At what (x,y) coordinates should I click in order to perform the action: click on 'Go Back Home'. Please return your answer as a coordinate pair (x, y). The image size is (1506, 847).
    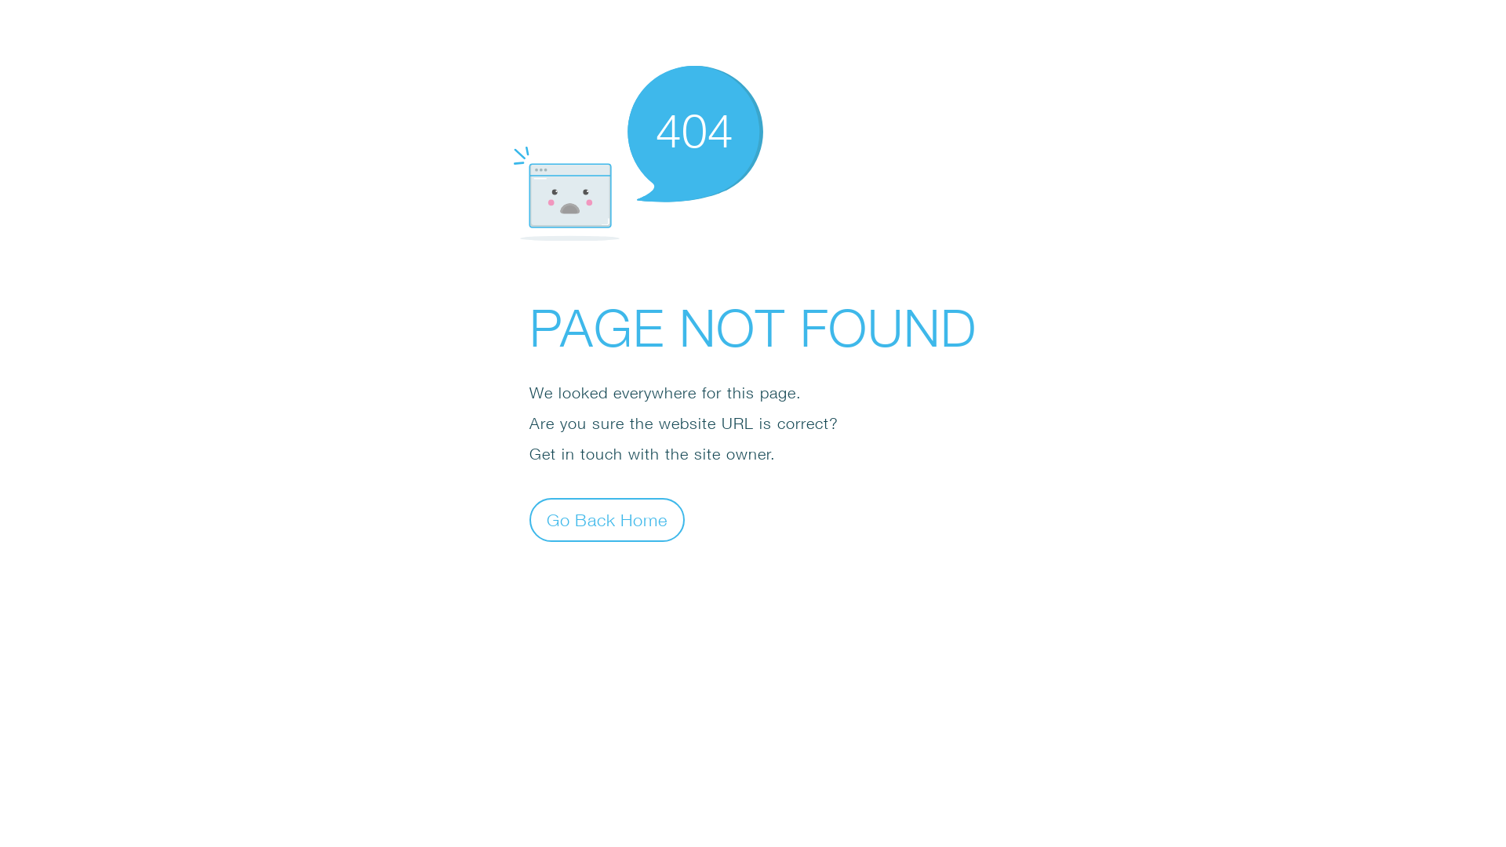
    Looking at the image, I should click on (606, 520).